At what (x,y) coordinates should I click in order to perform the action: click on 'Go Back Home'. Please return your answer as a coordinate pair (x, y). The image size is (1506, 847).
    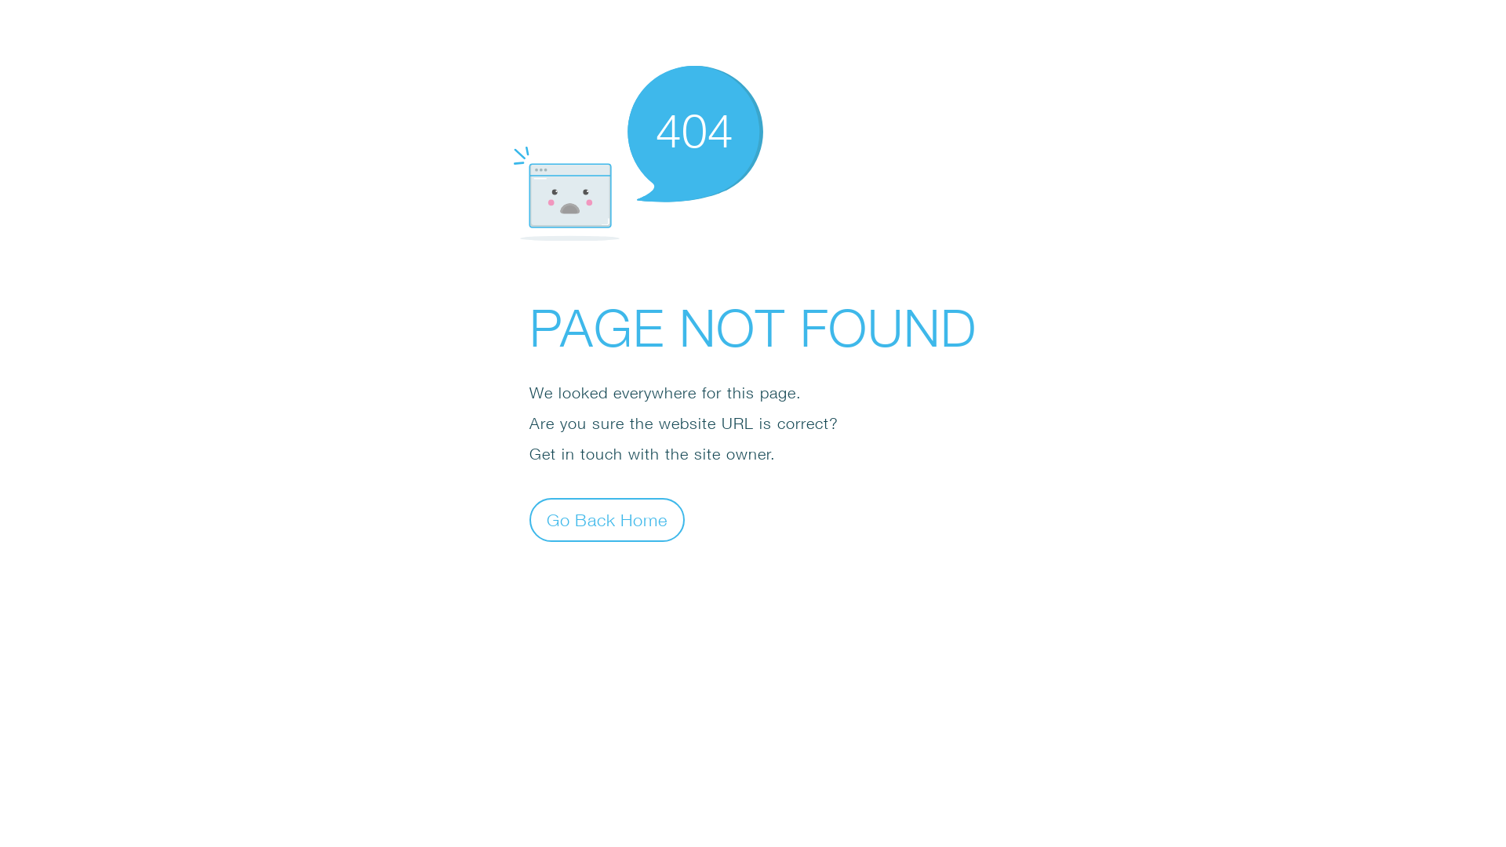
    Looking at the image, I should click on (606, 520).